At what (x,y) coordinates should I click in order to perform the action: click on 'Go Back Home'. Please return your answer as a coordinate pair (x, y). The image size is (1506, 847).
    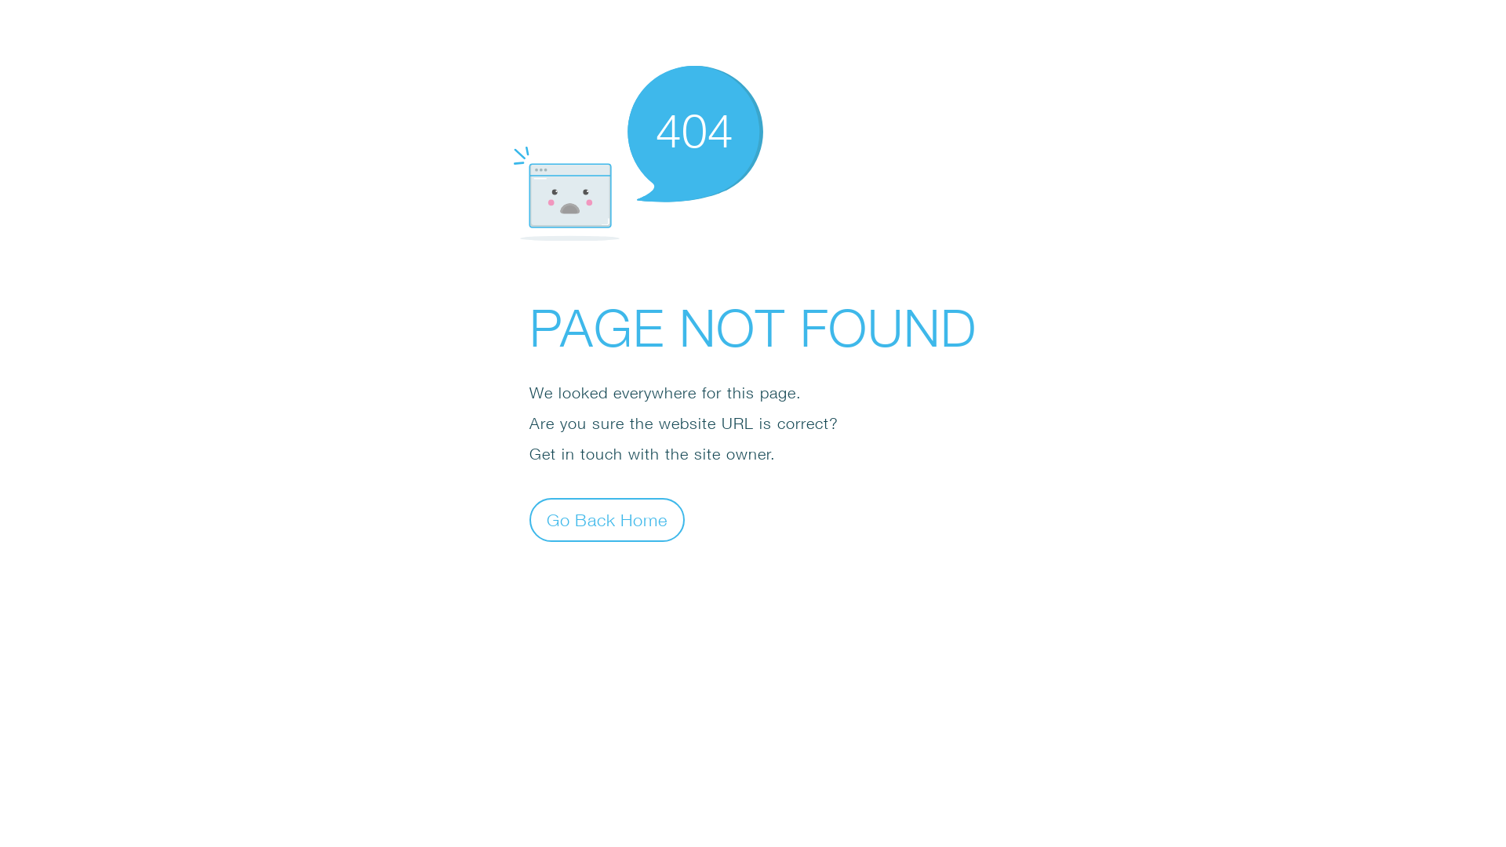
    Looking at the image, I should click on (606, 520).